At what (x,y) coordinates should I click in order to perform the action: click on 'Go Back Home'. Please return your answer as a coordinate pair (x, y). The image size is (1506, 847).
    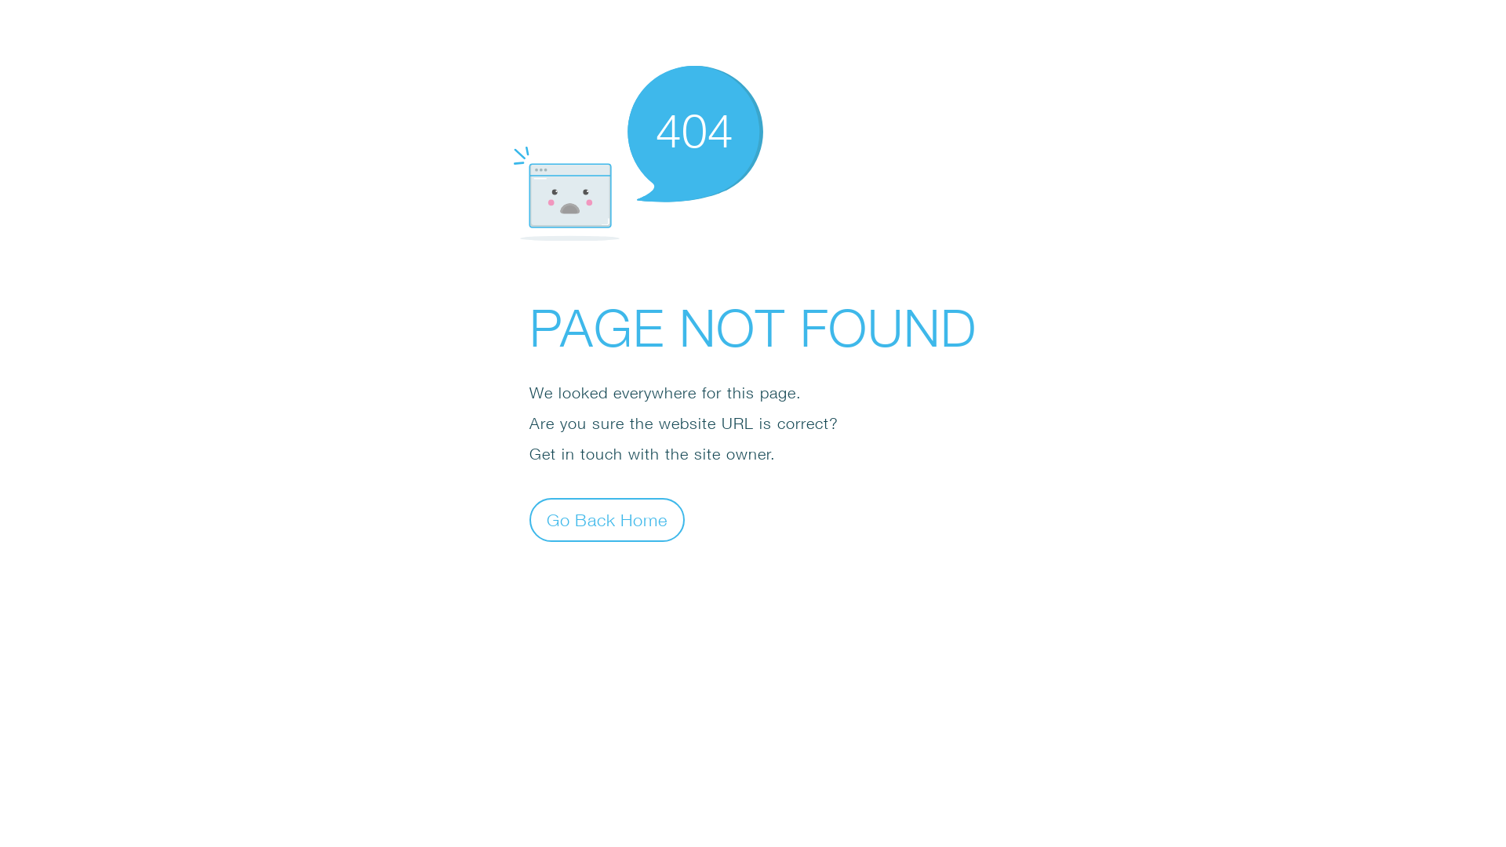
    Looking at the image, I should click on (606, 520).